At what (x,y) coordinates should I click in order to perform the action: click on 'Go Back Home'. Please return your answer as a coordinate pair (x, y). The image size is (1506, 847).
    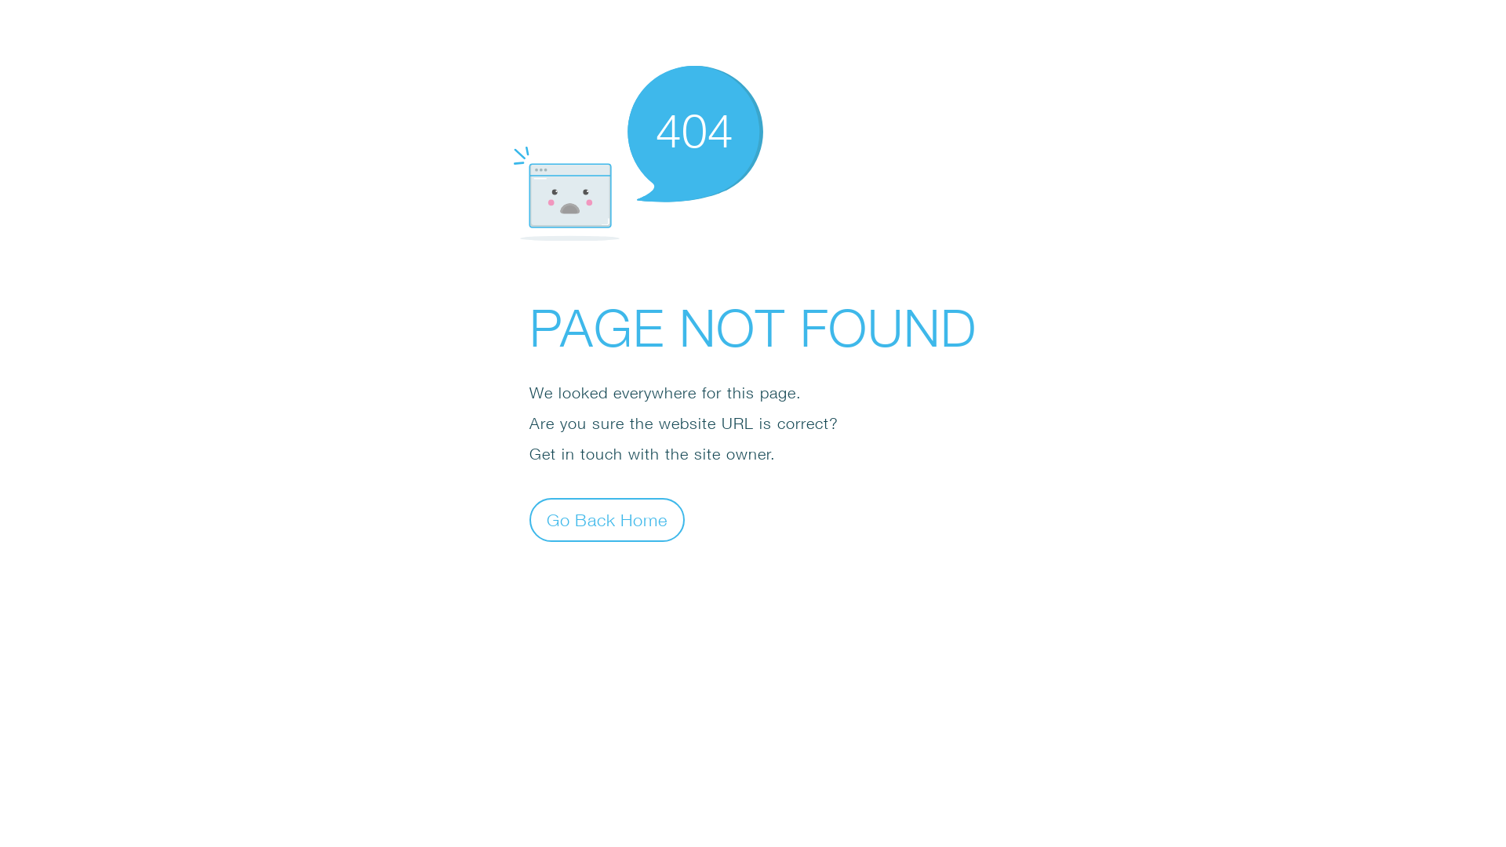
    Looking at the image, I should click on (606, 520).